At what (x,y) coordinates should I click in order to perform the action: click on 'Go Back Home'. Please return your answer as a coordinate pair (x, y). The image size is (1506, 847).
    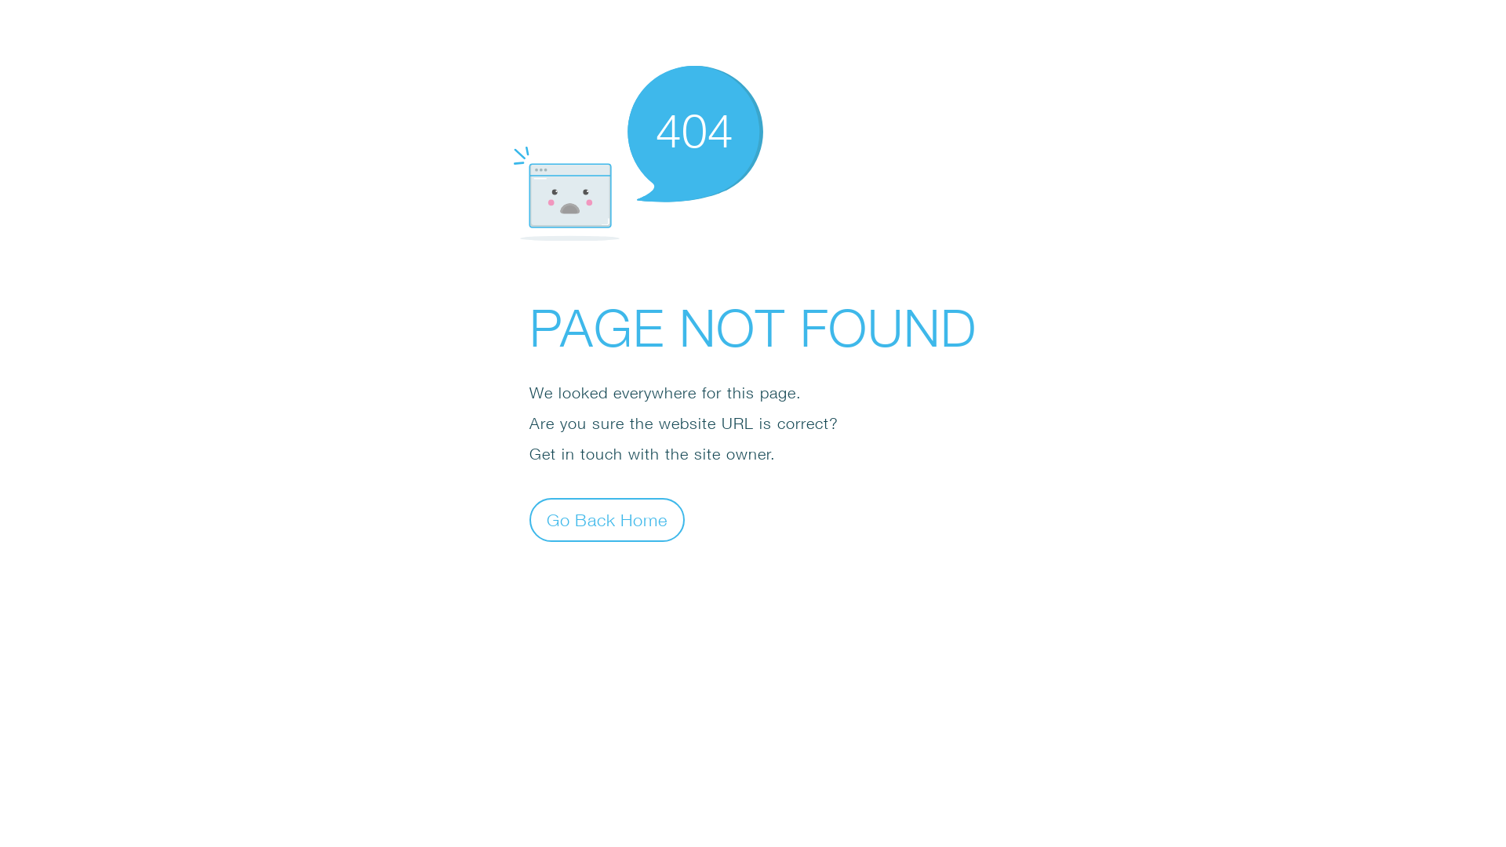
    Looking at the image, I should click on (606, 520).